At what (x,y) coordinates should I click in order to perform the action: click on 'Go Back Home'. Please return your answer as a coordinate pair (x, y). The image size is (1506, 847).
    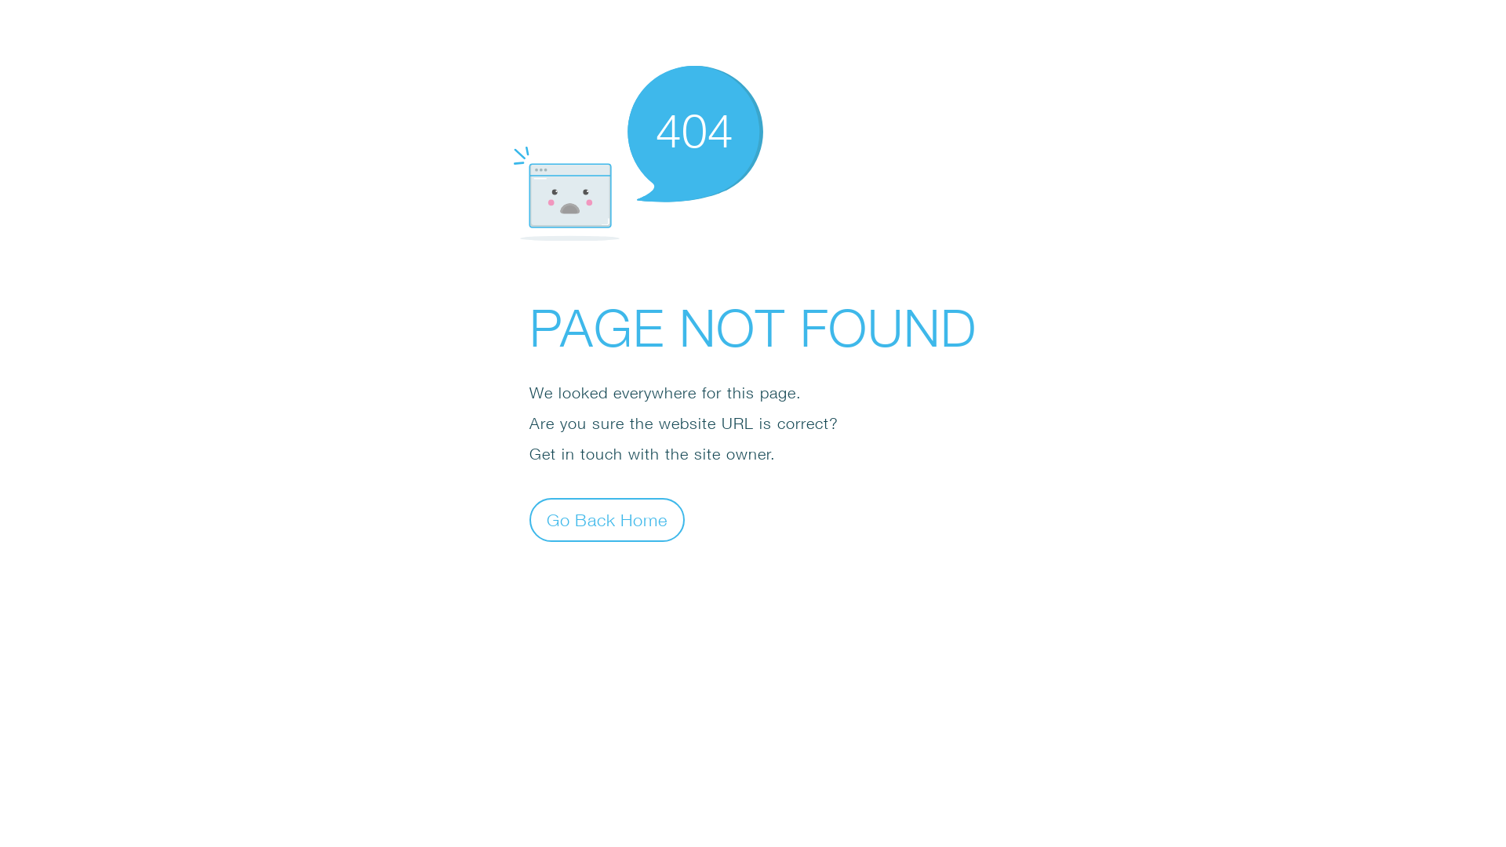
    Looking at the image, I should click on (606, 520).